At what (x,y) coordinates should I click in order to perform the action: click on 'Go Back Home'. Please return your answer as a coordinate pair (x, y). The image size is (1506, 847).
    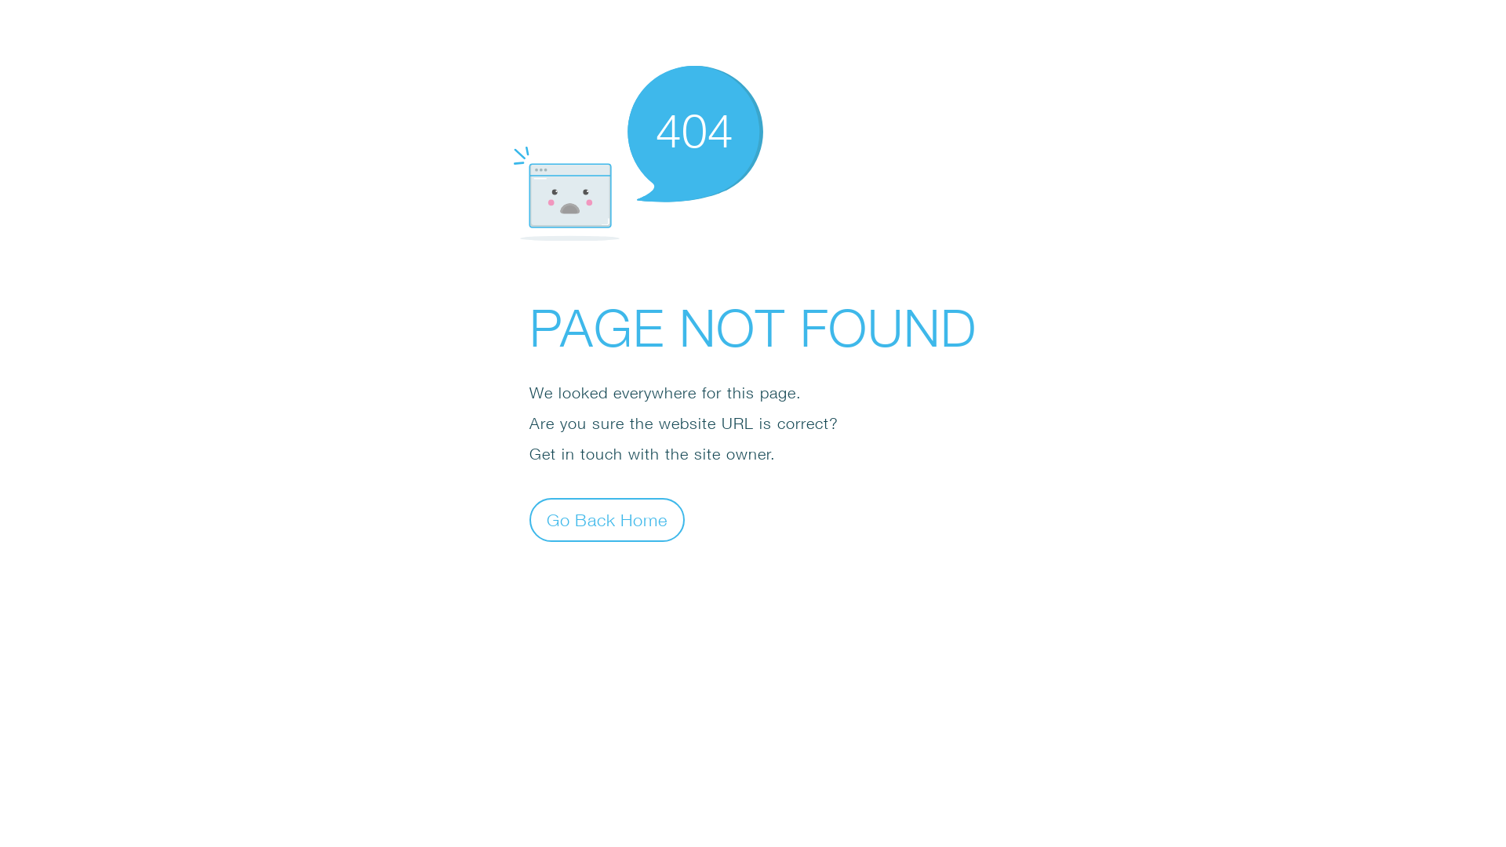
    Looking at the image, I should click on (606, 520).